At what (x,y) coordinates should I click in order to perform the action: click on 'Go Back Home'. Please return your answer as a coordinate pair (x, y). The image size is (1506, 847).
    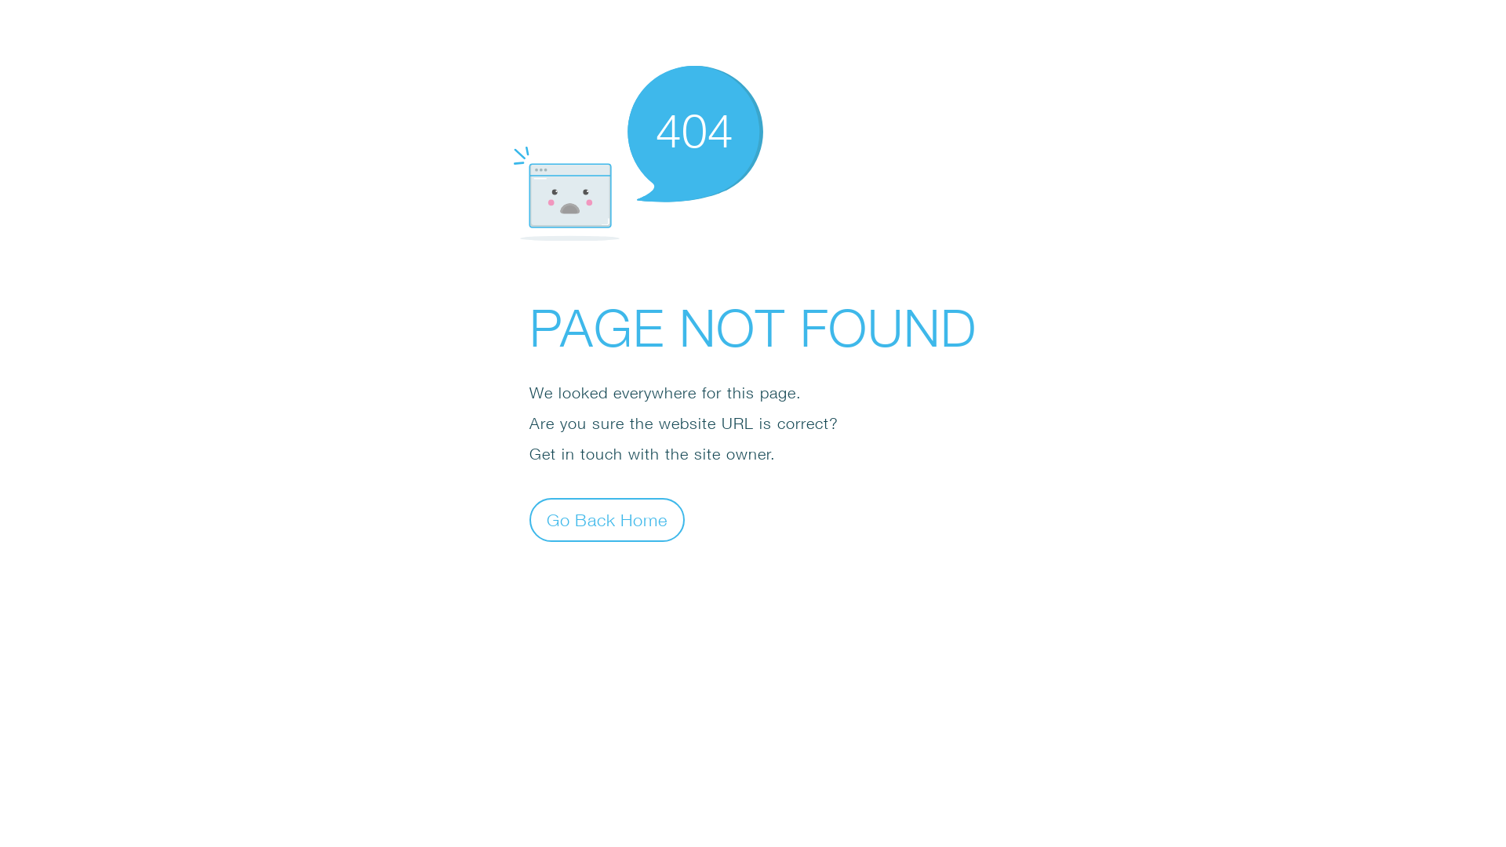
    Looking at the image, I should click on (606, 520).